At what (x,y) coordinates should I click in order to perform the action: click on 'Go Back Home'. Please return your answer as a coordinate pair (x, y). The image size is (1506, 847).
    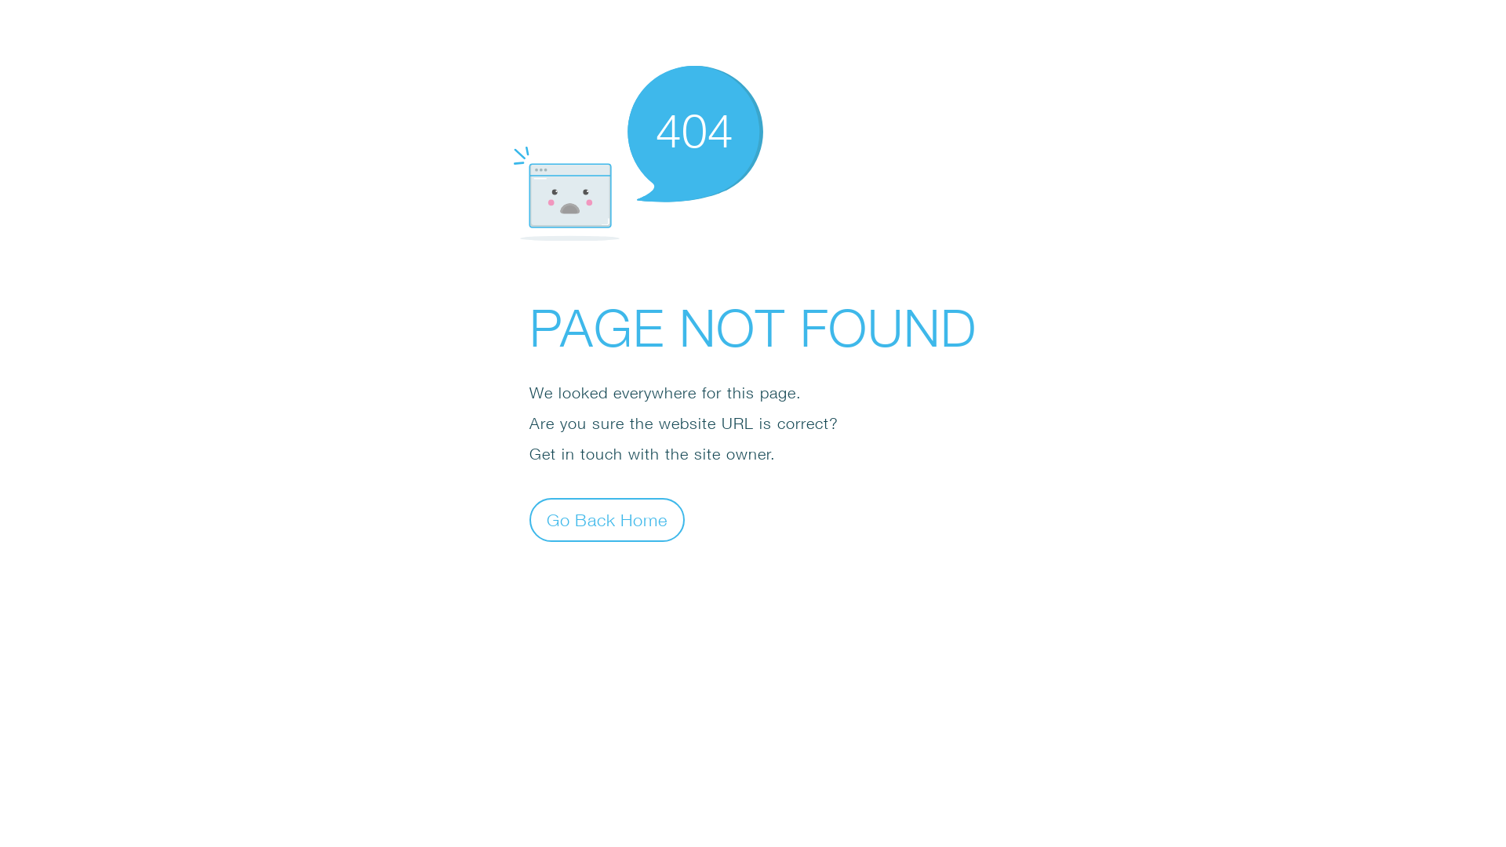
    Looking at the image, I should click on (606, 520).